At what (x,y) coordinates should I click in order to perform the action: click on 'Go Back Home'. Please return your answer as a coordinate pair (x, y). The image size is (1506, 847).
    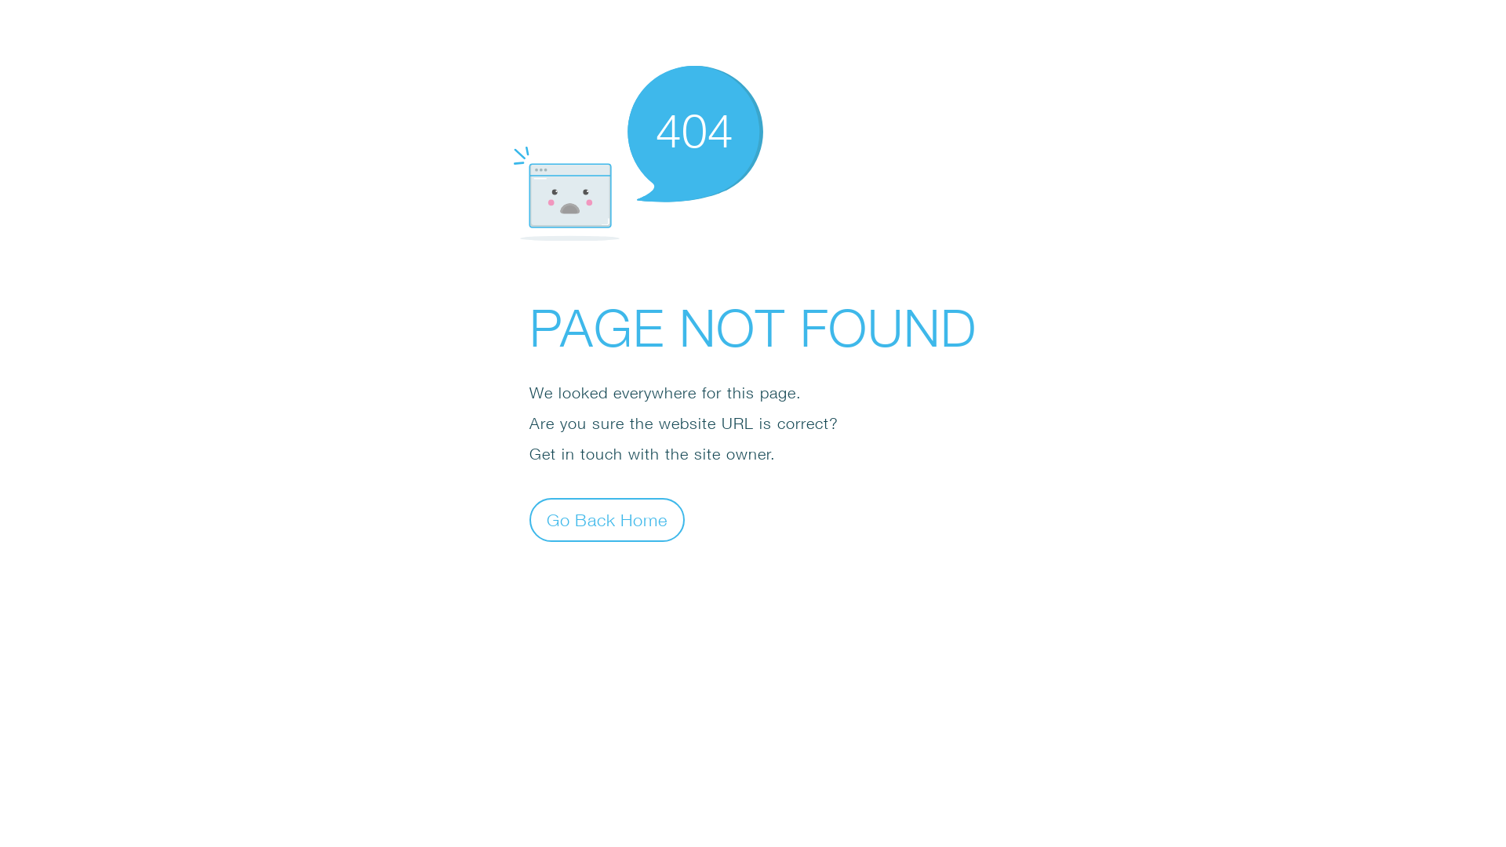
    Looking at the image, I should click on (606, 520).